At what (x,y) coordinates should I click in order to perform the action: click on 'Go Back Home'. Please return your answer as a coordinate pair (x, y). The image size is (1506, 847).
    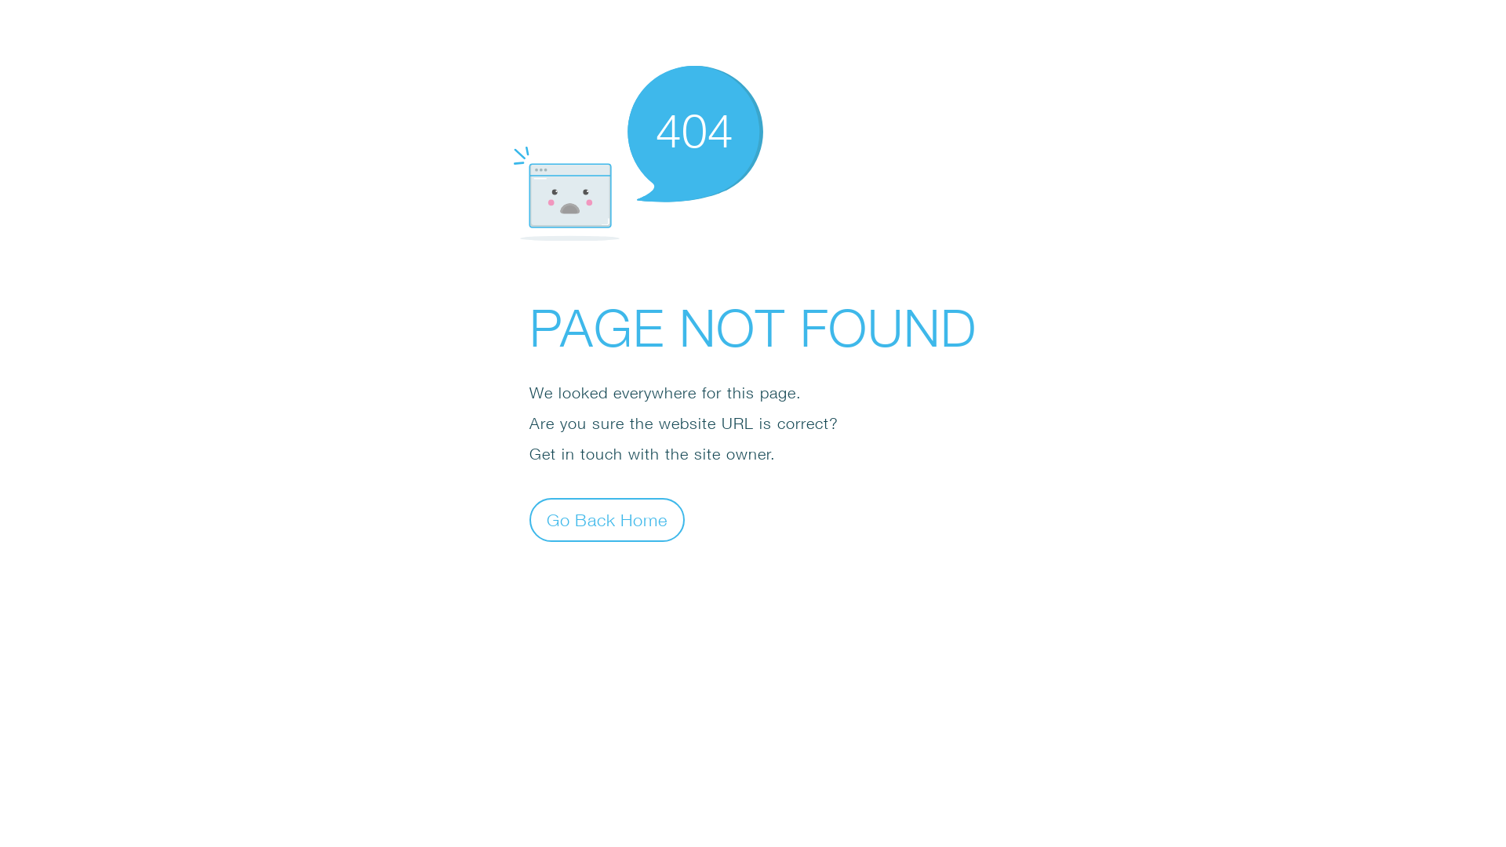
    Looking at the image, I should click on (606, 520).